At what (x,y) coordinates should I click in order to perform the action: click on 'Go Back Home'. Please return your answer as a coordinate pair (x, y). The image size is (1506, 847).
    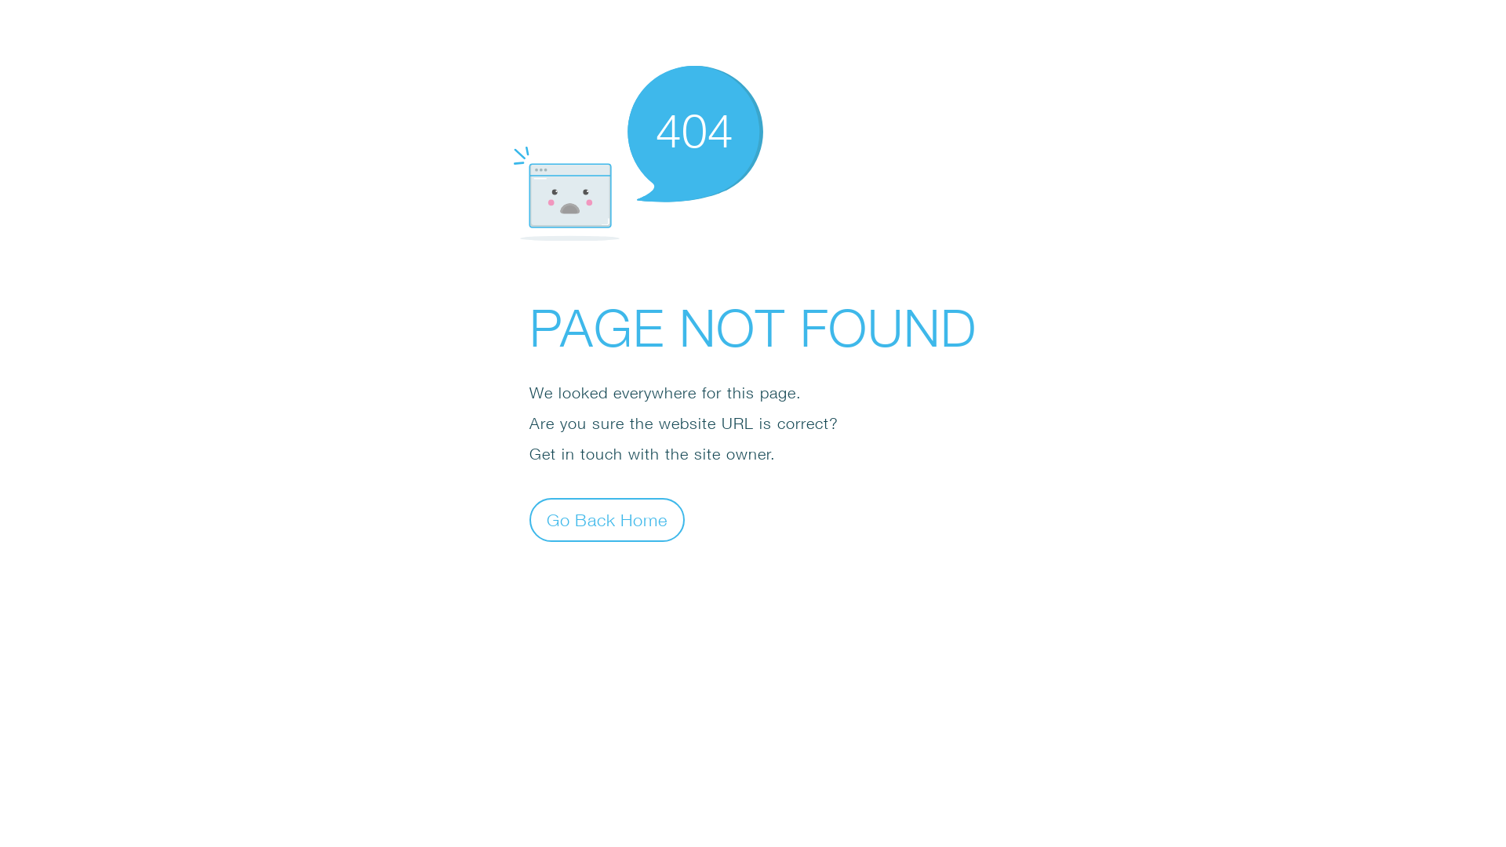
    Looking at the image, I should click on (606, 520).